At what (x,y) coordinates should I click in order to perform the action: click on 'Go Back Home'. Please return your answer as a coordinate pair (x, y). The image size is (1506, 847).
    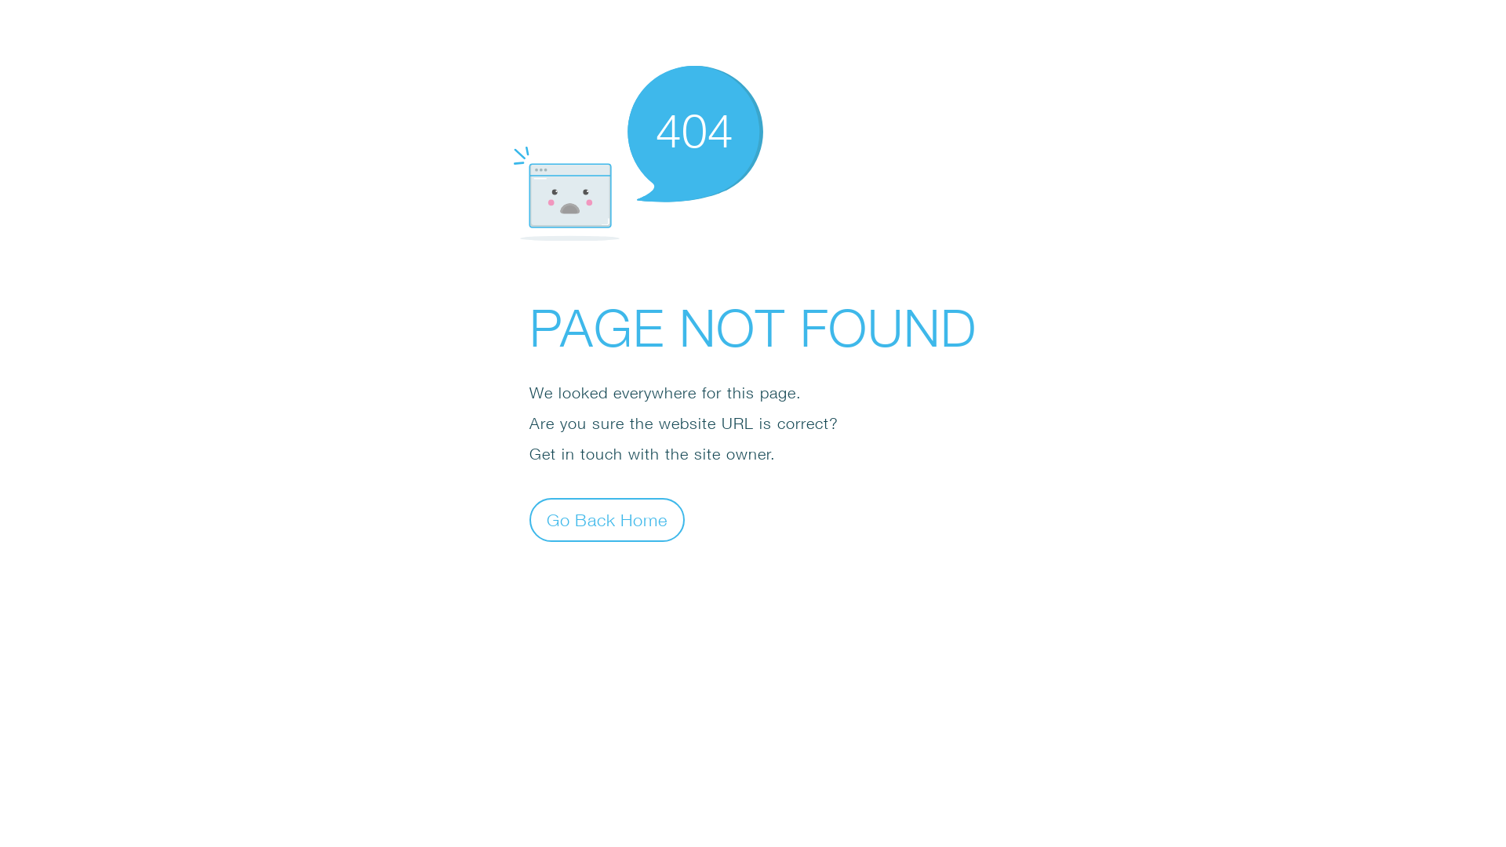
    Looking at the image, I should click on (606, 520).